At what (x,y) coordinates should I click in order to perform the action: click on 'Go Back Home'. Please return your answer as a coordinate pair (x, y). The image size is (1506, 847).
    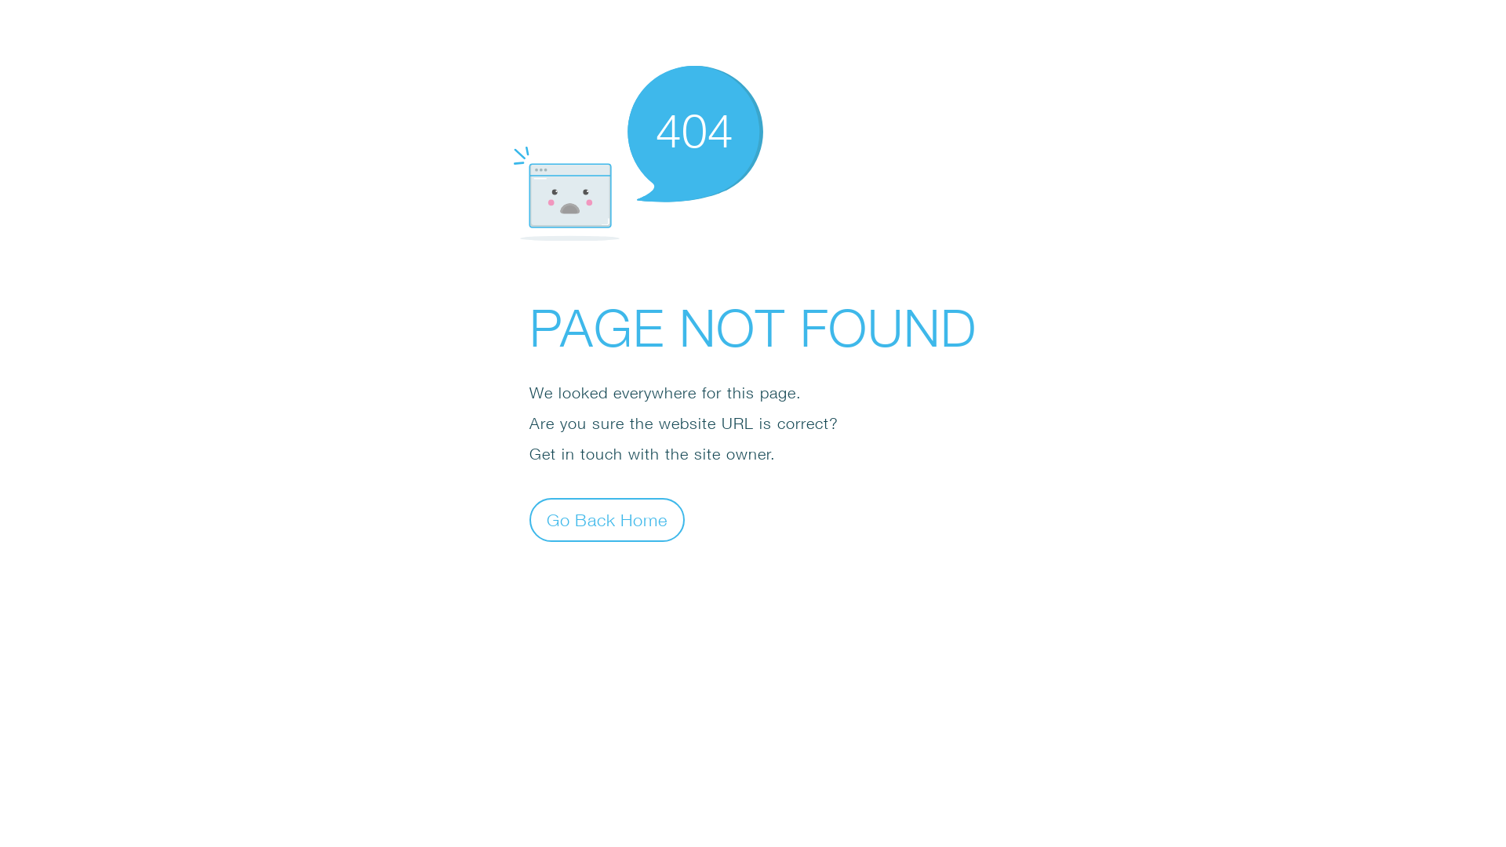
    Looking at the image, I should click on (606, 520).